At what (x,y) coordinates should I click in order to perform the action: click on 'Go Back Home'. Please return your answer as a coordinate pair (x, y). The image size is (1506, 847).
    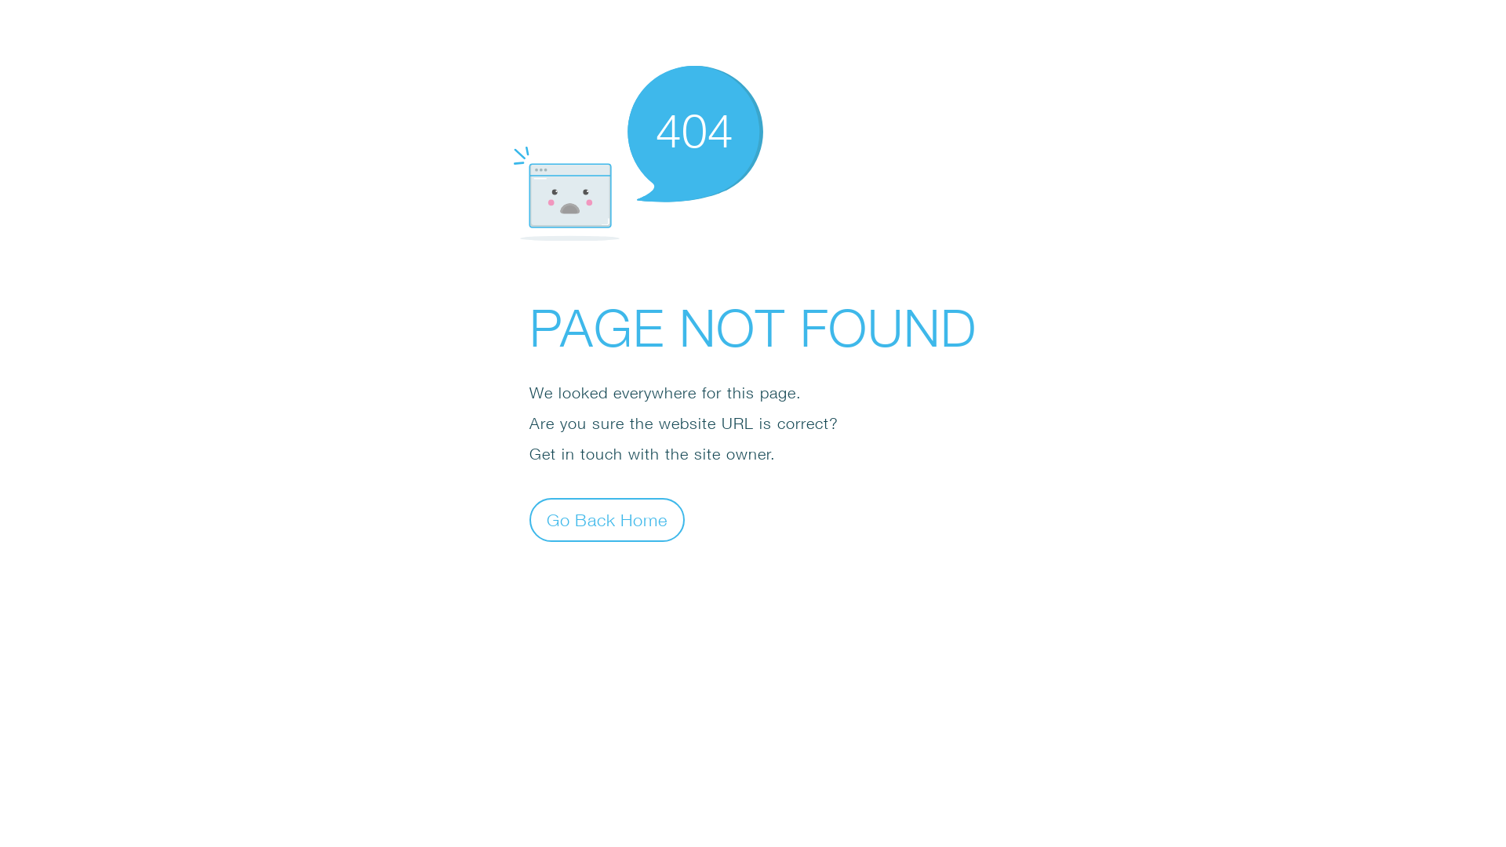
    Looking at the image, I should click on (606, 520).